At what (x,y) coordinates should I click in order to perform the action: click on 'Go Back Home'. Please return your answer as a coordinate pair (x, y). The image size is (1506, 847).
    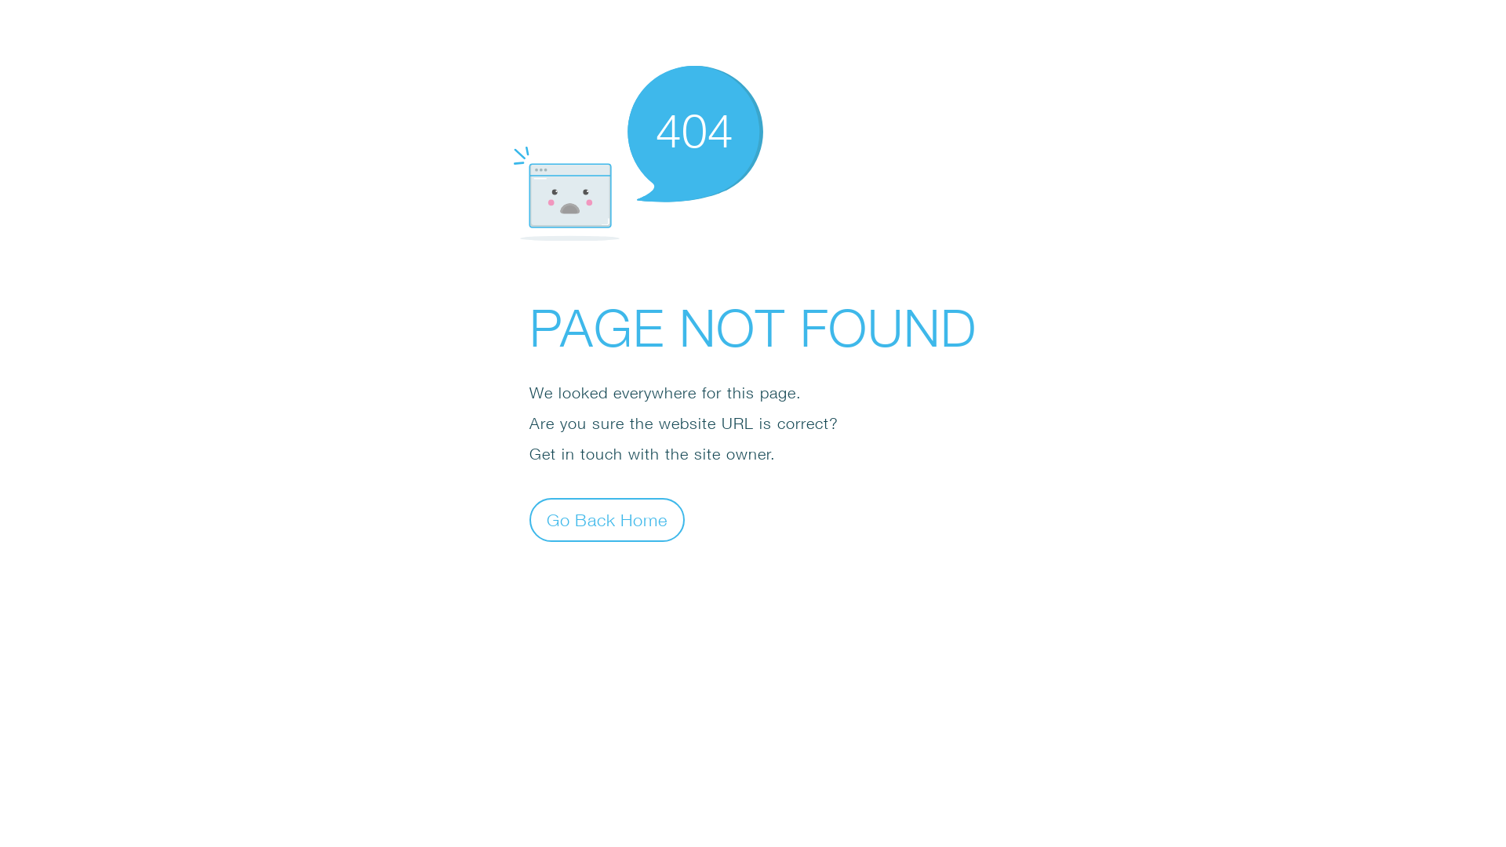
    Looking at the image, I should click on (606, 520).